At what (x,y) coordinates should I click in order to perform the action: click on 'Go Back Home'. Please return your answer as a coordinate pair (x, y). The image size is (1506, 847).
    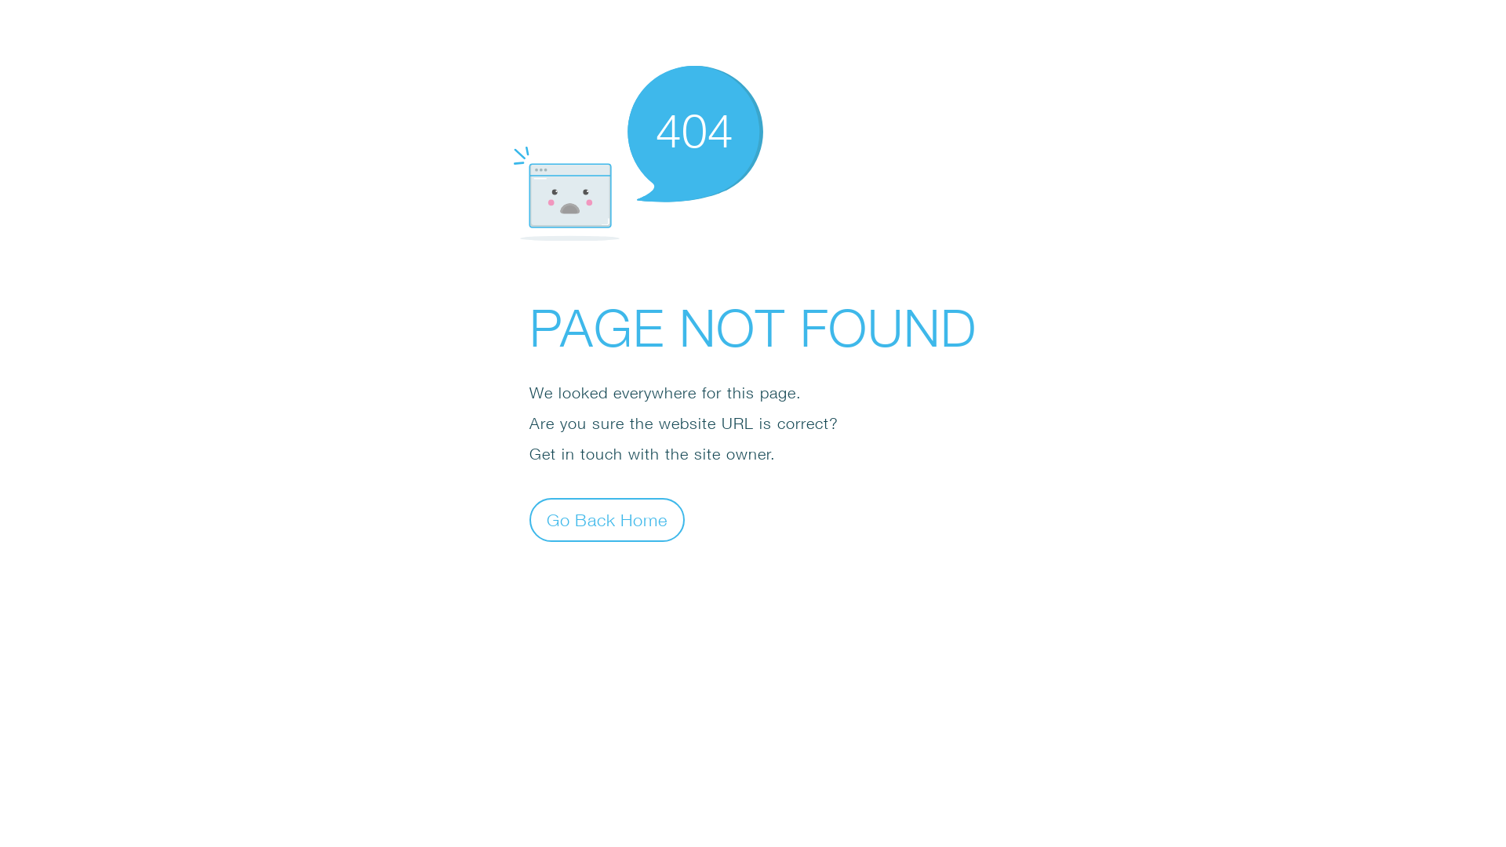
    Looking at the image, I should click on (606, 520).